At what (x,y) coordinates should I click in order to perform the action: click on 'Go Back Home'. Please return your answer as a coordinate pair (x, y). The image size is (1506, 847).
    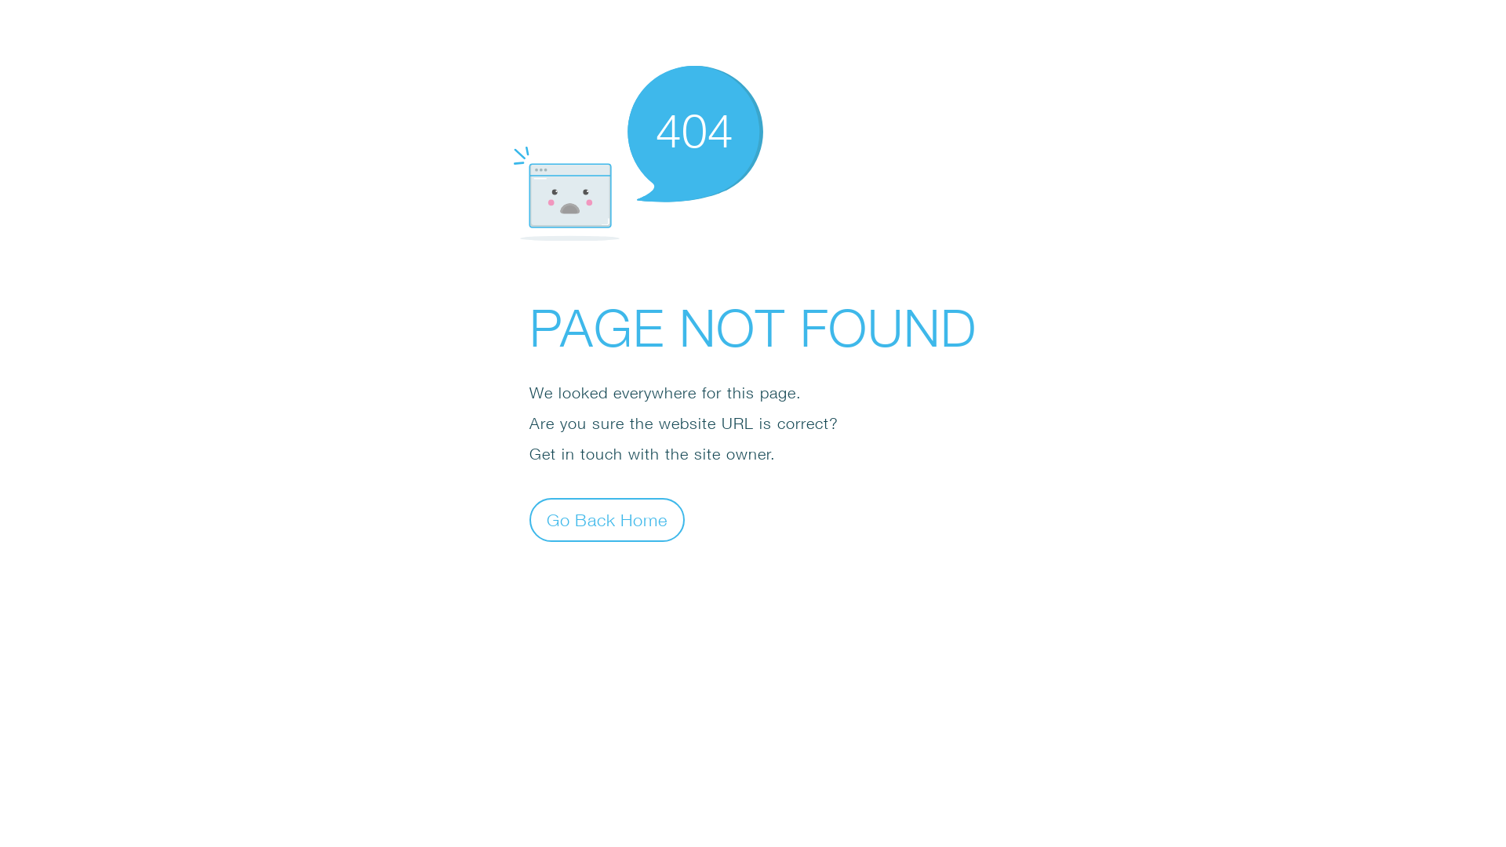
    Looking at the image, I should click on (606, 520).